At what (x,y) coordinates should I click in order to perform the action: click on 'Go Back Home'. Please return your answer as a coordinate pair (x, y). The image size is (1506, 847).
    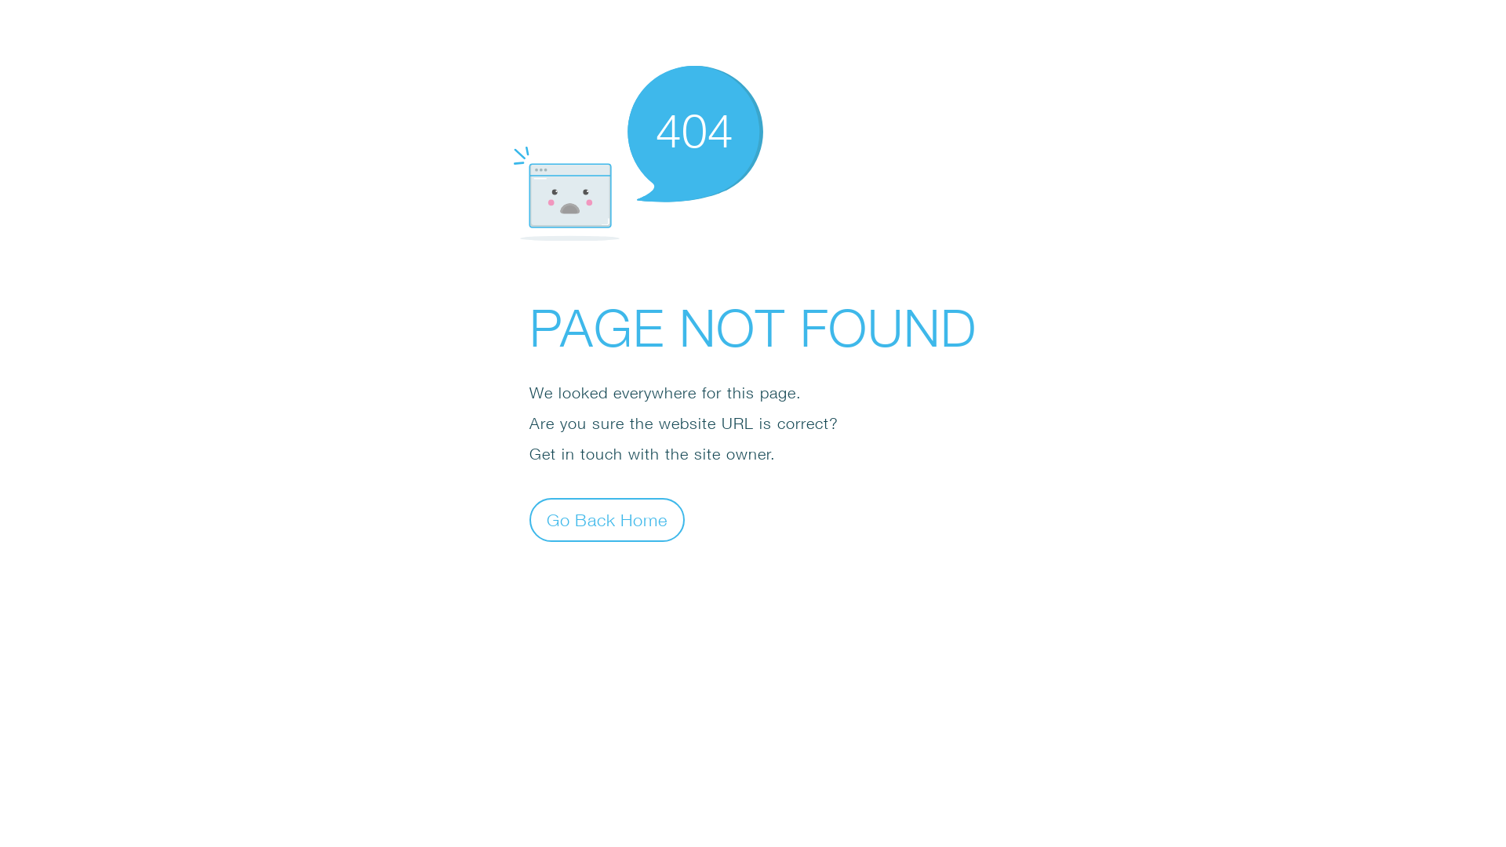
    Looking at the image, I should click on (606, 520).